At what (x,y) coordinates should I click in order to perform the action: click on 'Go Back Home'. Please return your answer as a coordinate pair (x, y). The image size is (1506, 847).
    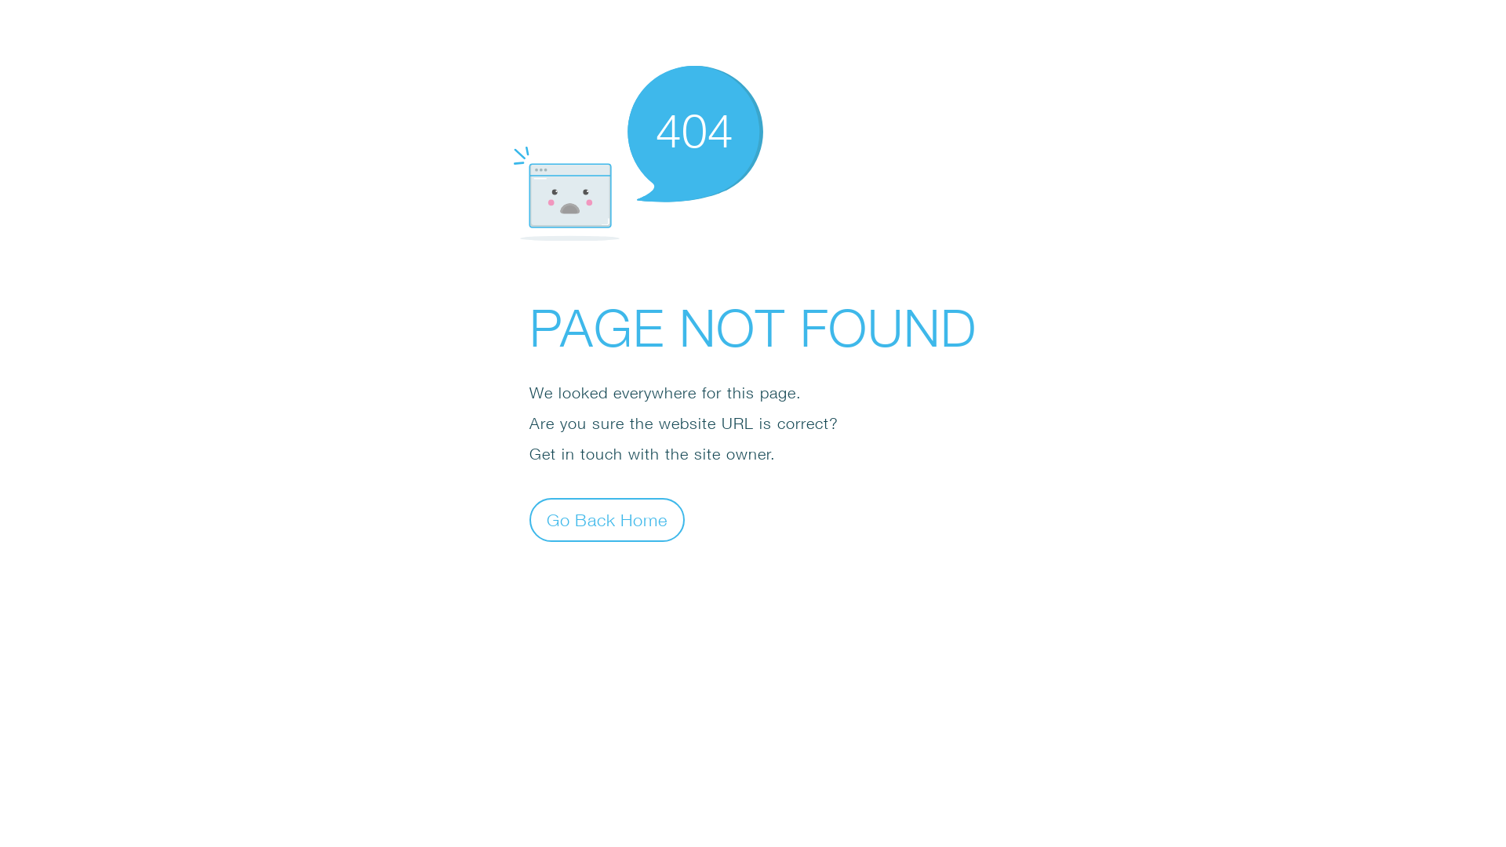
    Looking at the image, I should click on (606, 520).